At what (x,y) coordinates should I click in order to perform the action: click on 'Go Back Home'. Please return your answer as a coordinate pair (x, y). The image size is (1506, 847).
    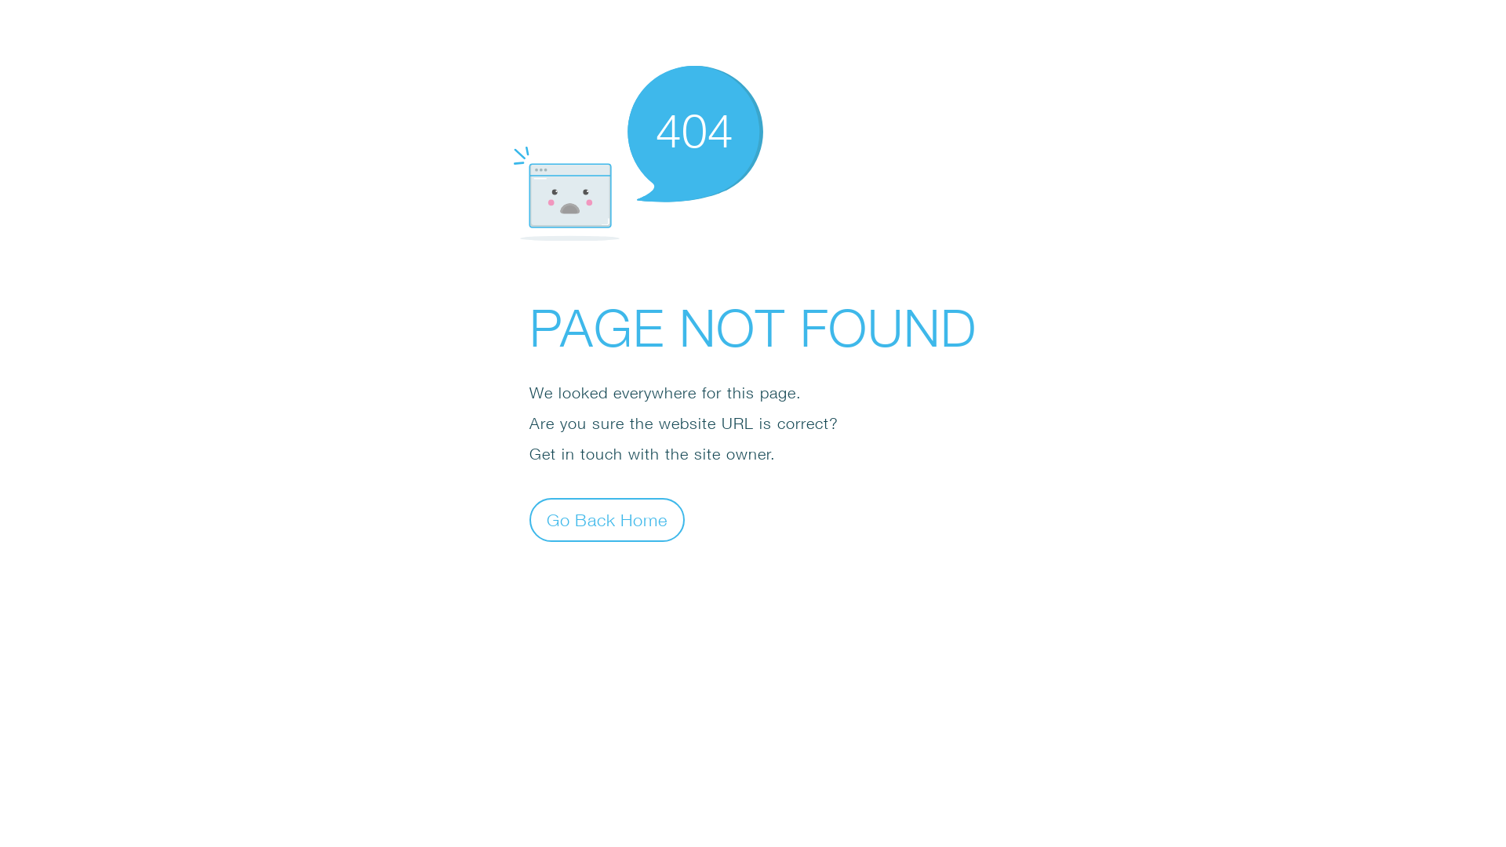
    Looking at the image, I should click on (606, 520).